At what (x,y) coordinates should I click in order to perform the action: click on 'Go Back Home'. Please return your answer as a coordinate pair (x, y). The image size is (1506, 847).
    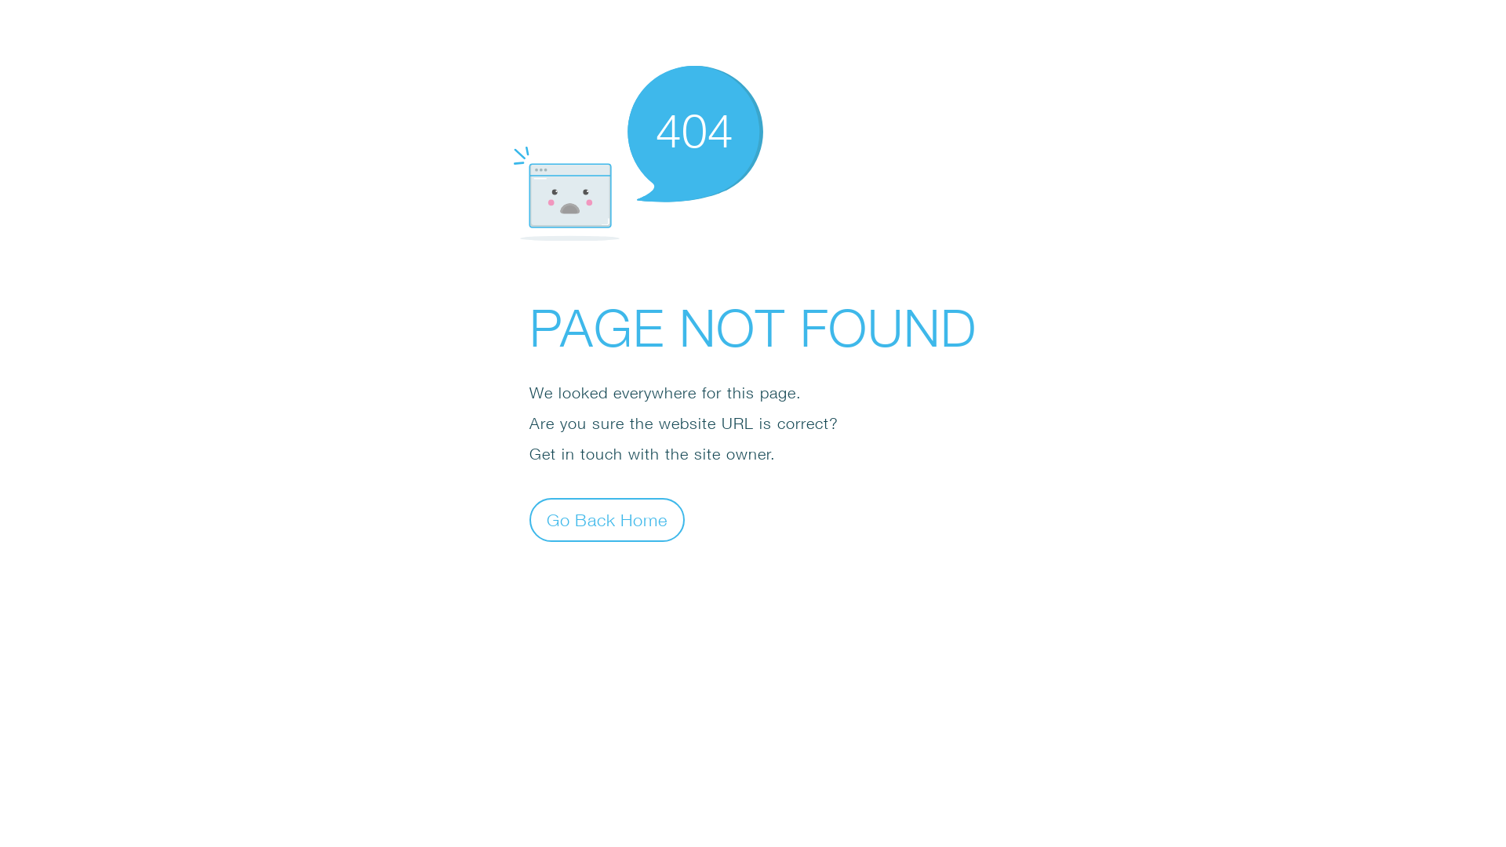
    Looking at the image, I should click on (606, 520).